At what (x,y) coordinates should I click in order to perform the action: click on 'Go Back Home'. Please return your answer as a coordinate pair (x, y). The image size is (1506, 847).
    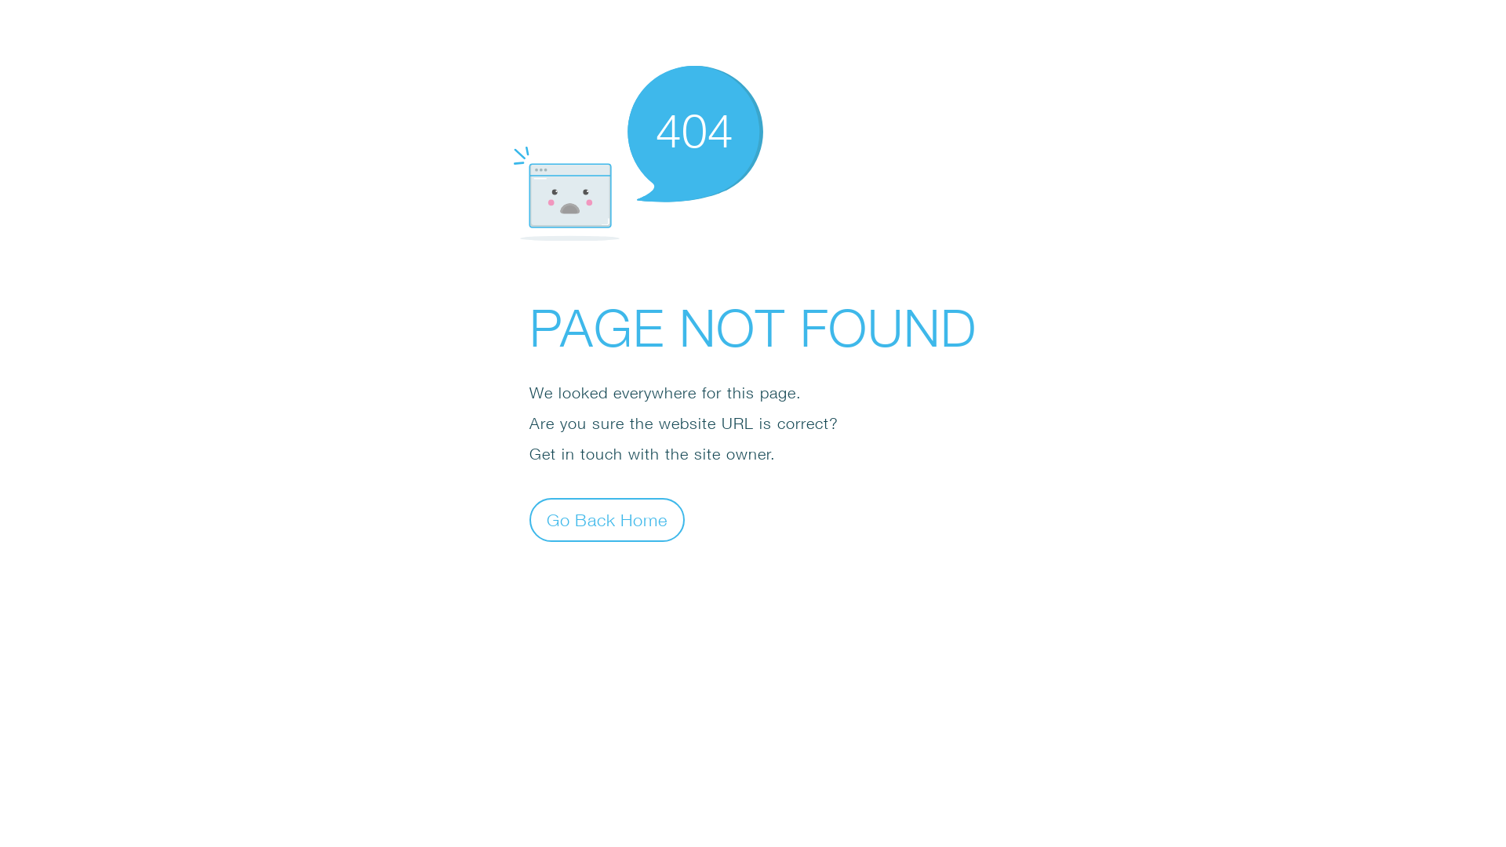
    Looking at the image, I should click on (606, 520).